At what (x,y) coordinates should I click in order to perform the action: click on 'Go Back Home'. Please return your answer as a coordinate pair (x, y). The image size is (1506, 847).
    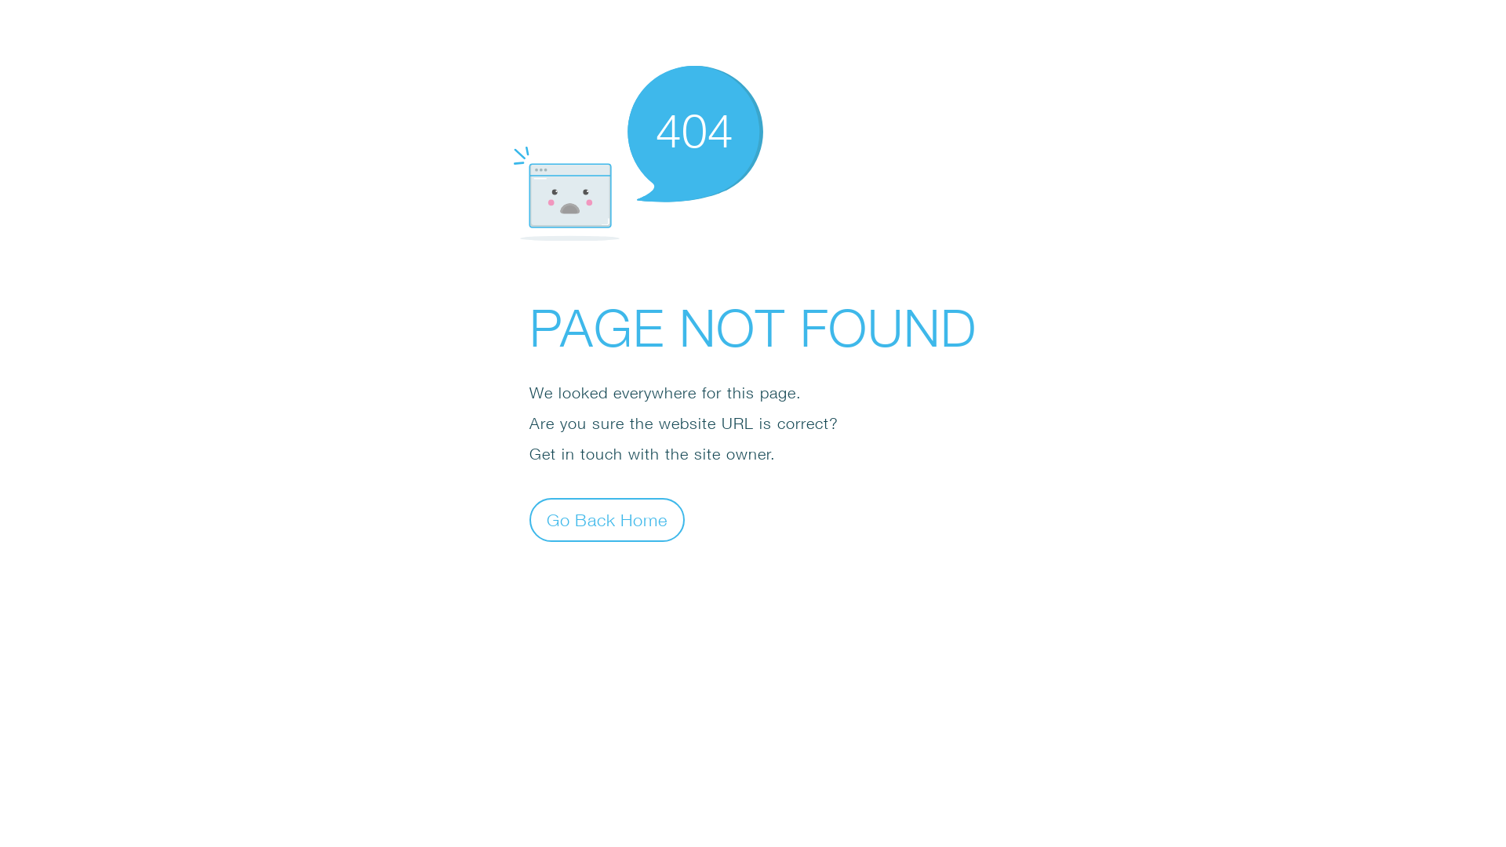
    Looking at the image, I should click on (606, 520).